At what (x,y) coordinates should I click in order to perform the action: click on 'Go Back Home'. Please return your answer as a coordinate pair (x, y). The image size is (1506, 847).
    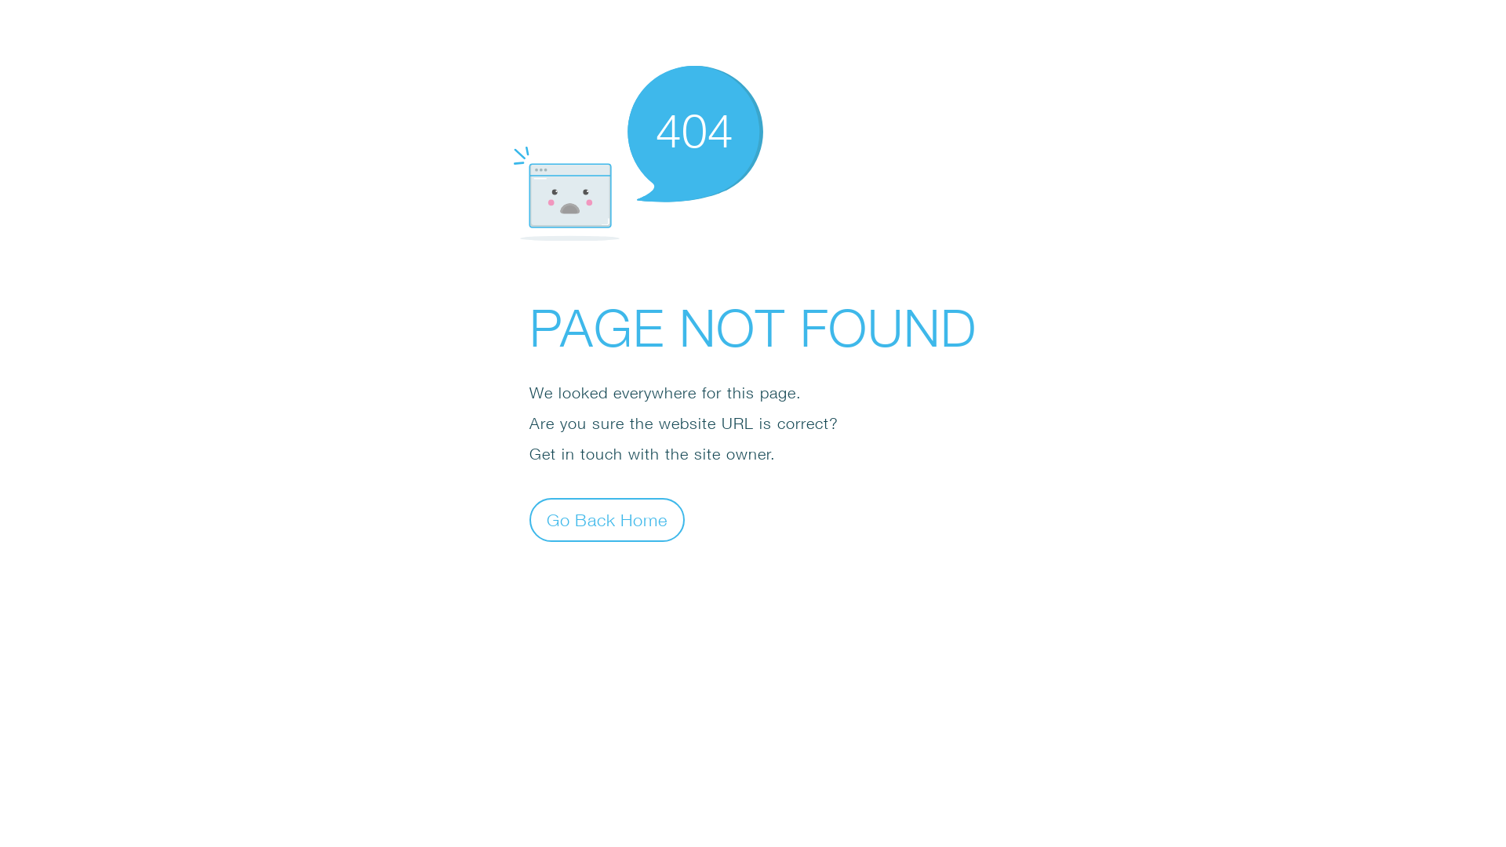
    Looking at the image, I should click on (606, 520).